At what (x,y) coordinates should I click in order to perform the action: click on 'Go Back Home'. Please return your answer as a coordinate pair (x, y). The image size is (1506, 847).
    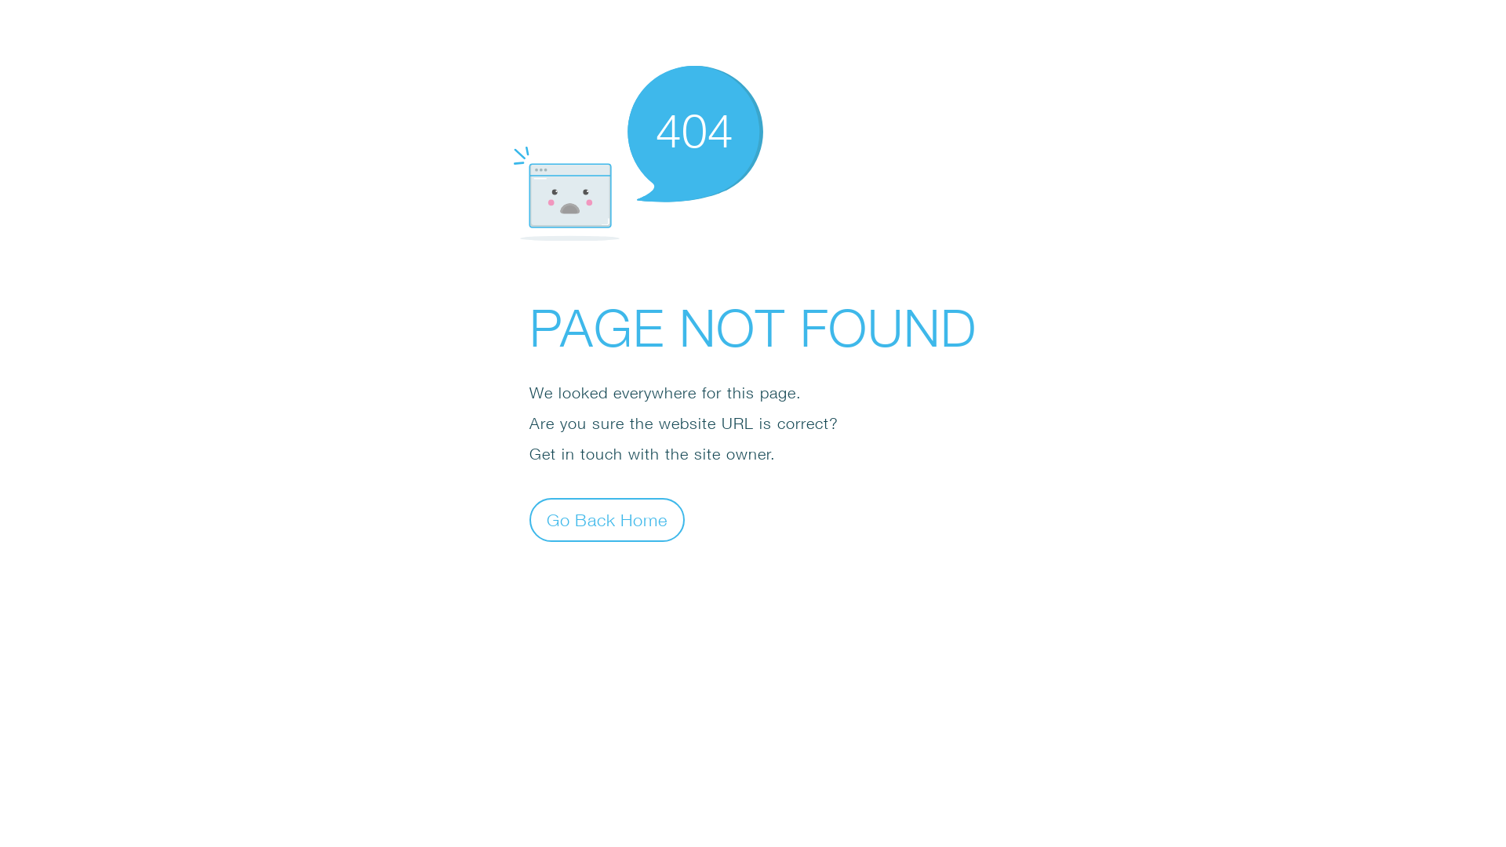
    Looking at the image, I should click on (606, 520).